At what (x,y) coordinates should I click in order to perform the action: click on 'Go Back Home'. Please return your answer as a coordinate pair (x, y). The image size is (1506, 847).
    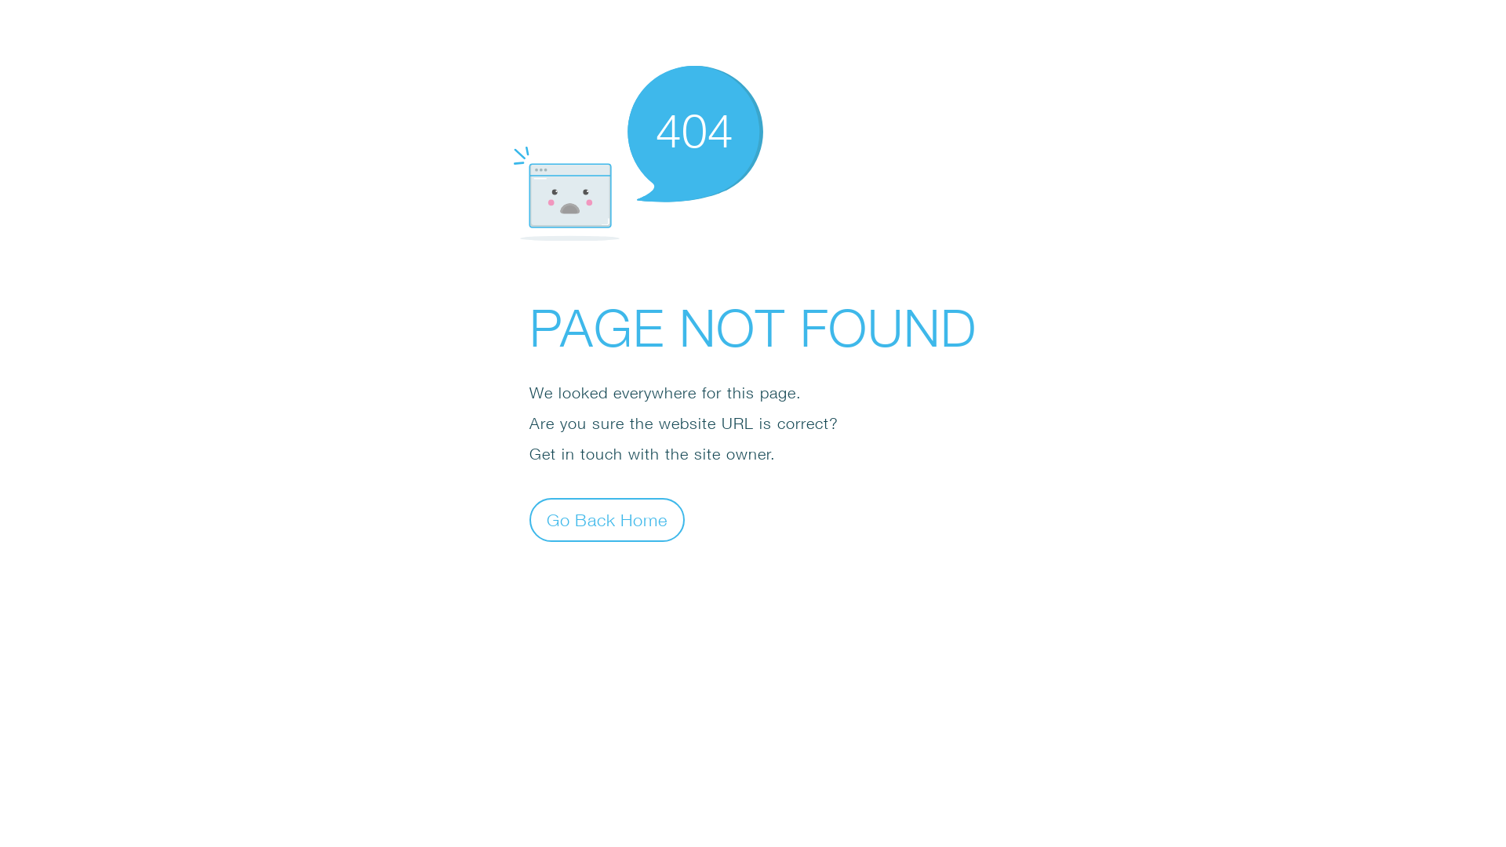
    Looking at the image, I should click on (606, 520).